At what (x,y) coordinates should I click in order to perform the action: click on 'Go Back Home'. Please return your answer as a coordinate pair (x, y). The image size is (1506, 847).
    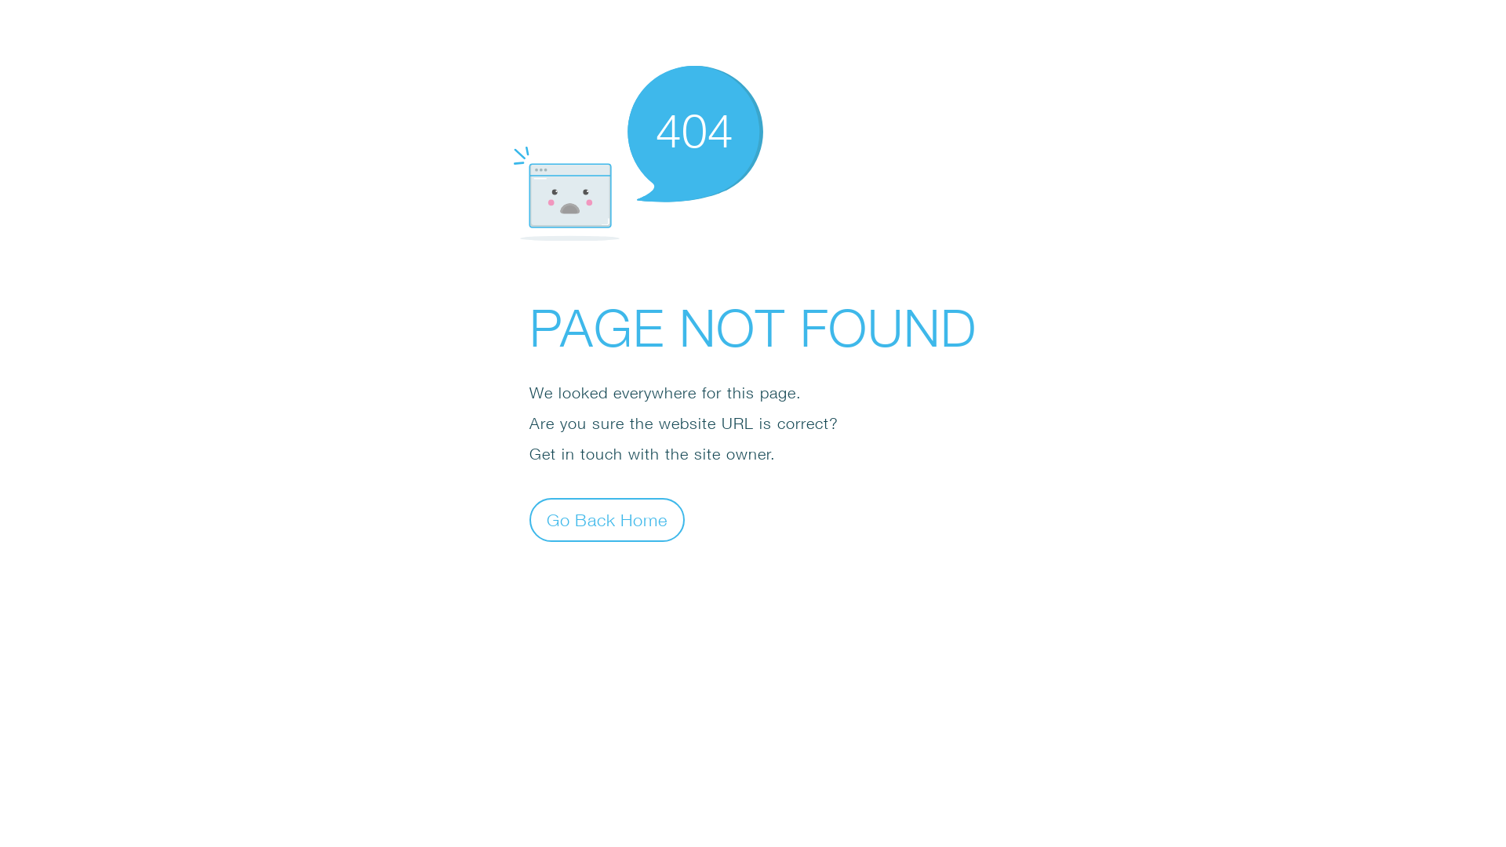
    Looking at the image, I should click on (606, 520).